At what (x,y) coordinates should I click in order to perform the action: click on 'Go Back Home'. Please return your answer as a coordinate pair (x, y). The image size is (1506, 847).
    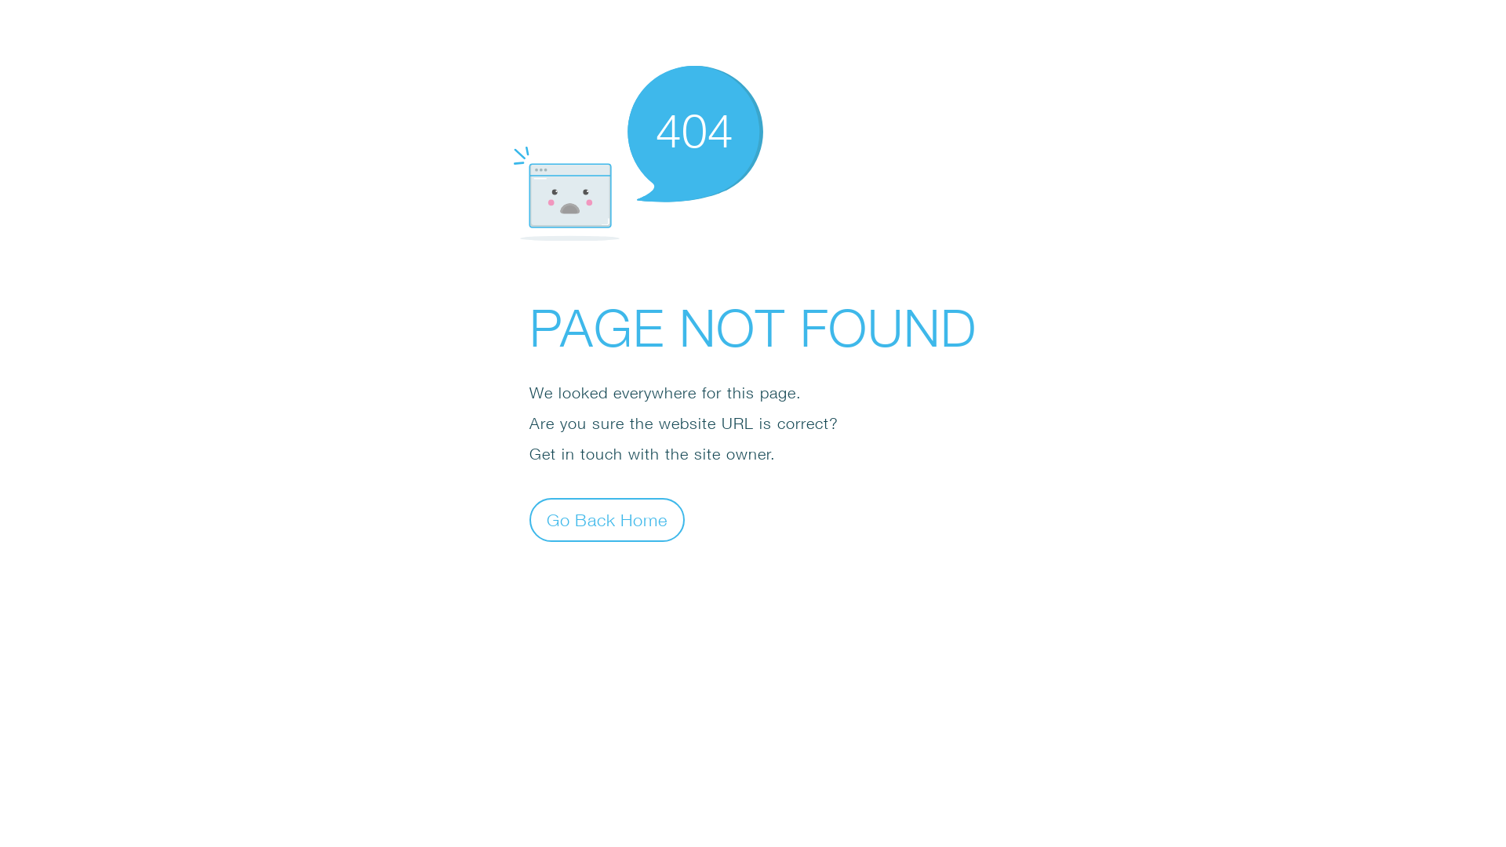
    Looking at the image, I should click on (606, 520).